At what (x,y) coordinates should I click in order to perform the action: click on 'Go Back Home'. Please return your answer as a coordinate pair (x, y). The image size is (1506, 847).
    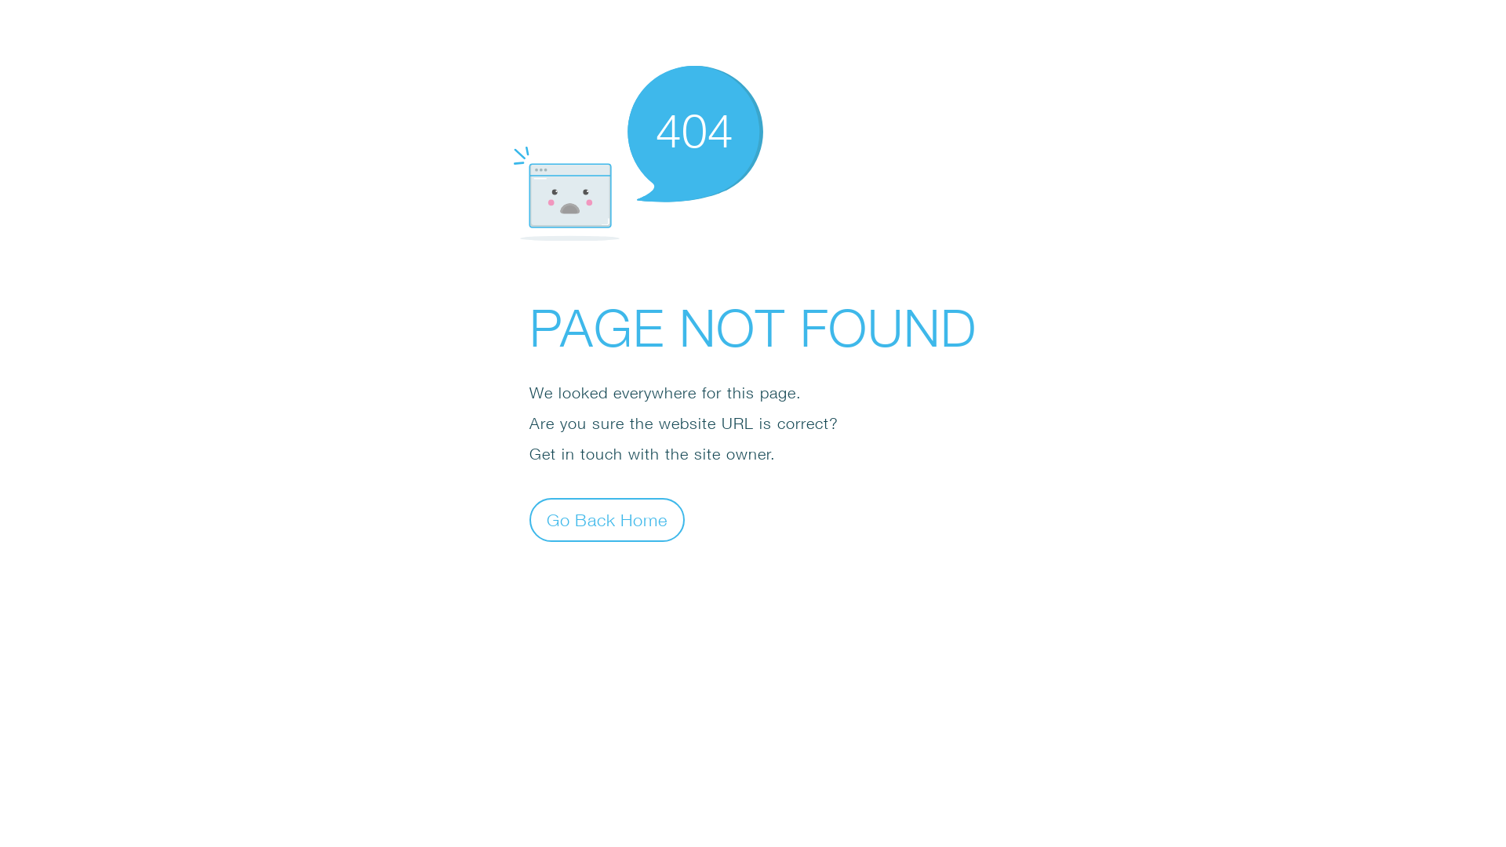
    Looking at the image, I should click on (606, 520).